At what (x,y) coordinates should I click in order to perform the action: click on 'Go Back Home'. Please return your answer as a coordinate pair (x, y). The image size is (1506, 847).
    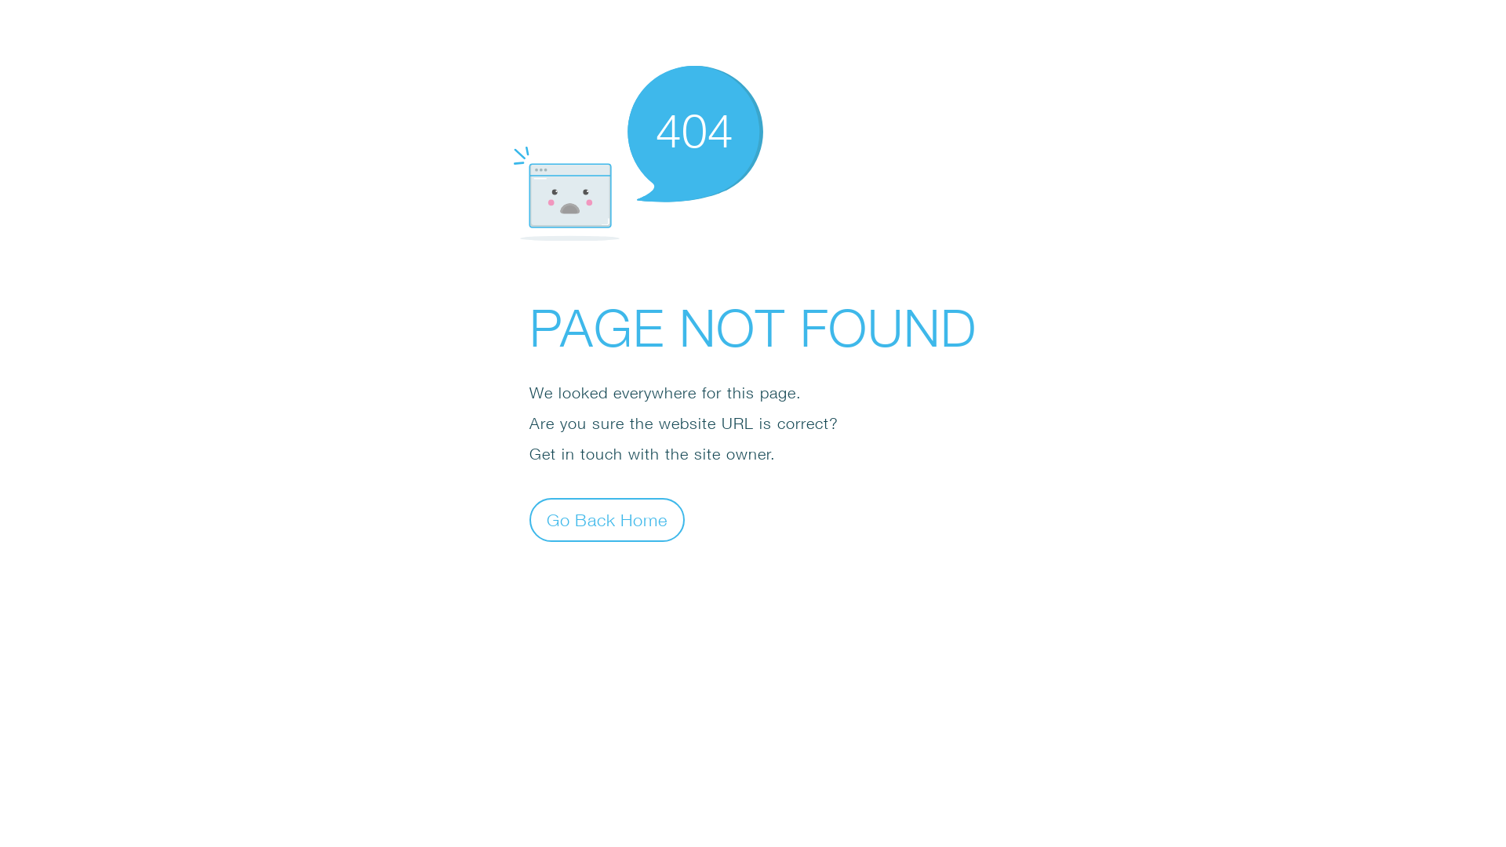
    Looking at the image, I should click on (606, 520).